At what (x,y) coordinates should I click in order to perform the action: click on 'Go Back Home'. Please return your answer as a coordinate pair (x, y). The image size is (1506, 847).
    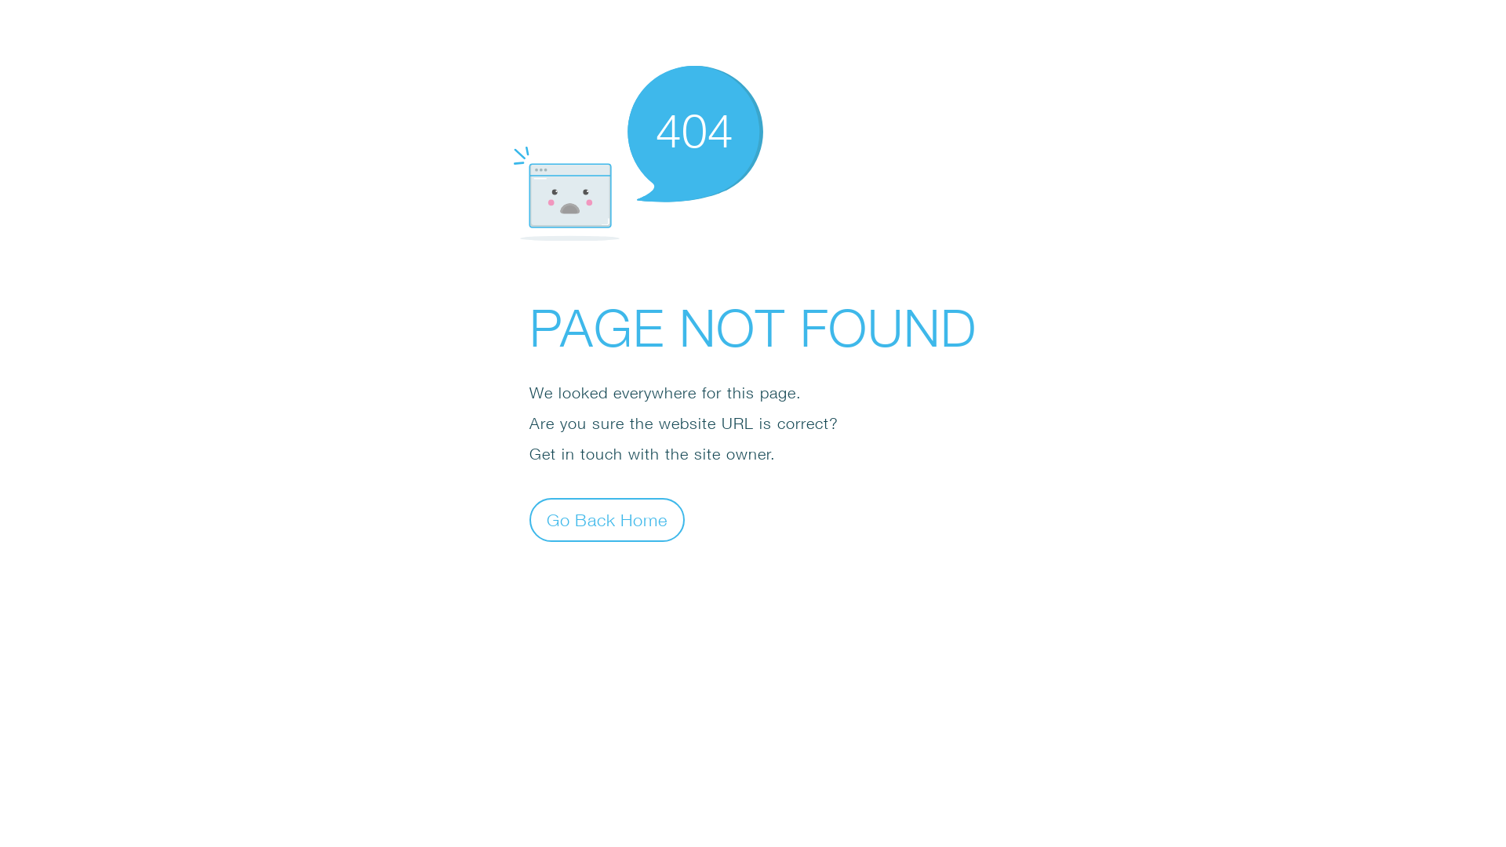
    Looking at the image, I should click on (606, 520).